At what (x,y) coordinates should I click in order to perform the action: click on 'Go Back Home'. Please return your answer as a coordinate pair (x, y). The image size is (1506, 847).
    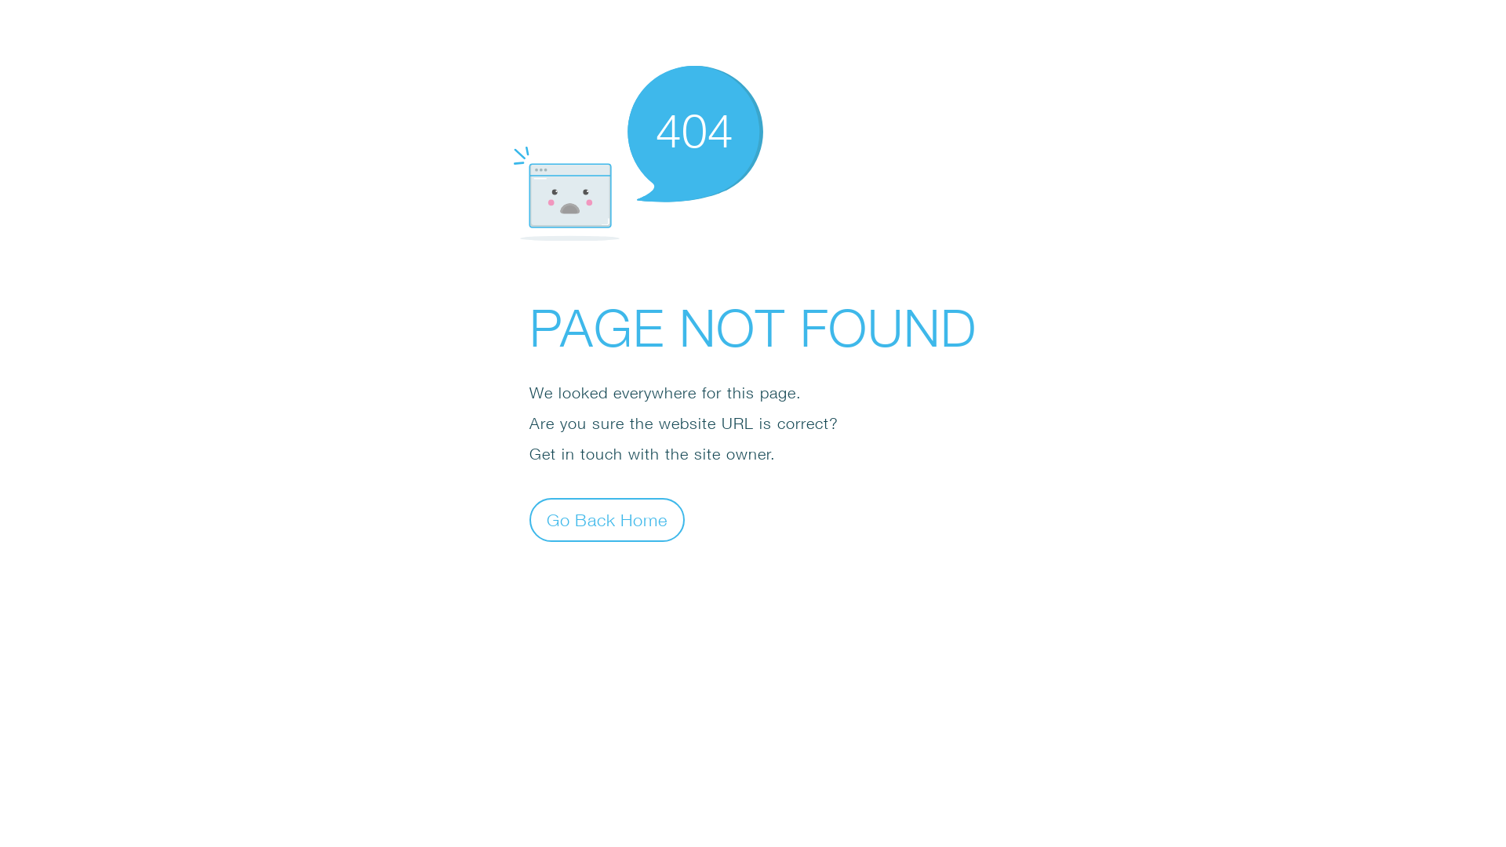
    Looking at the image, I should click on (606, 520).